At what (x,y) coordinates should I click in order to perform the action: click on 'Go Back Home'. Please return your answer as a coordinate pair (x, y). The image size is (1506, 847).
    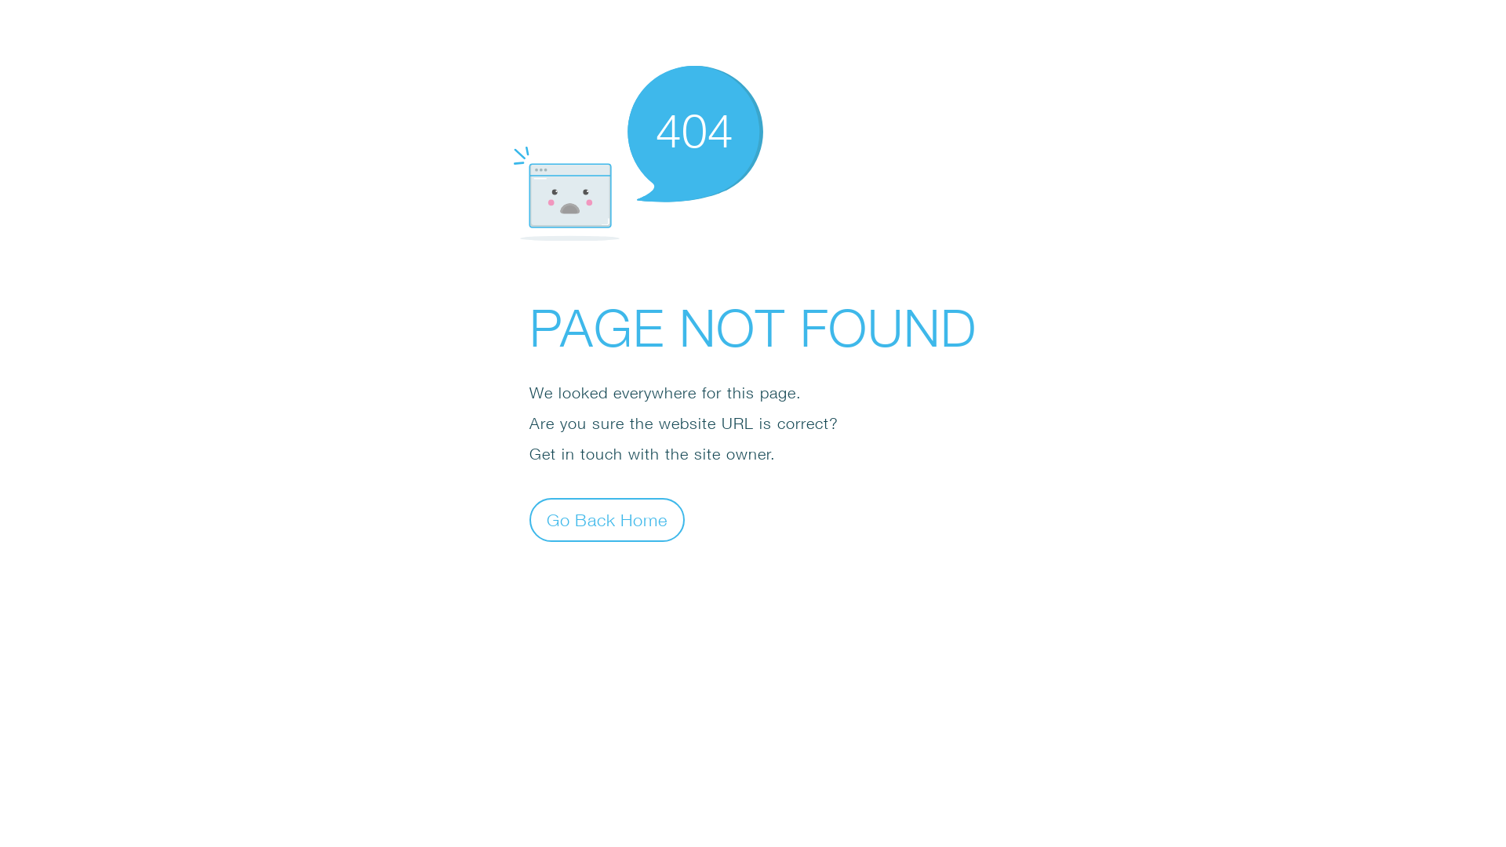
    Looking at the image, I should click on (606, 520).